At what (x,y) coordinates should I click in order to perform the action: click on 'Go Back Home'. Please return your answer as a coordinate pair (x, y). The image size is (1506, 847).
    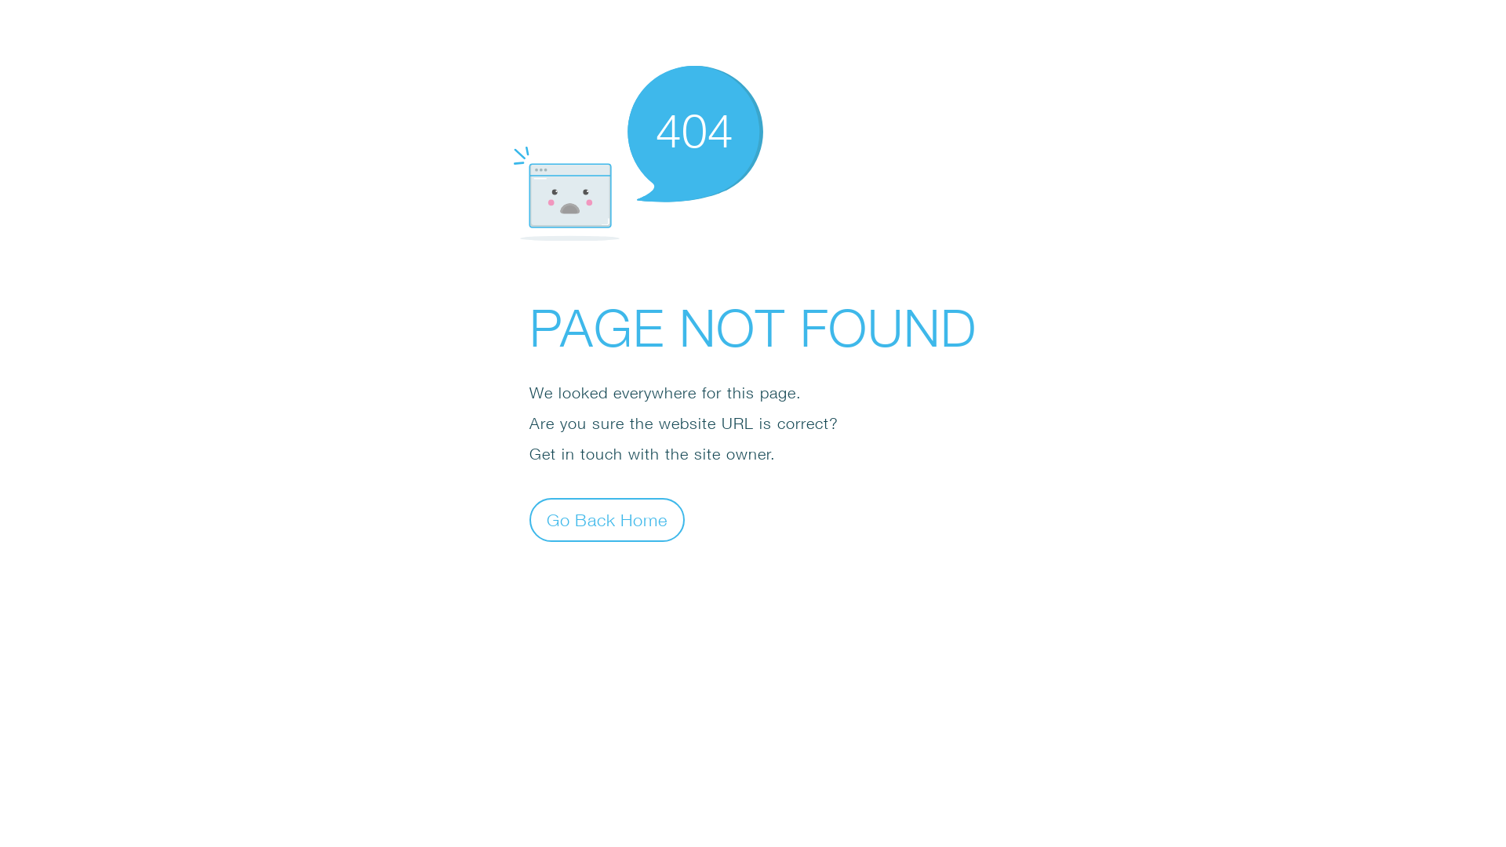
    Looking at the image, I should click on (606, 520).